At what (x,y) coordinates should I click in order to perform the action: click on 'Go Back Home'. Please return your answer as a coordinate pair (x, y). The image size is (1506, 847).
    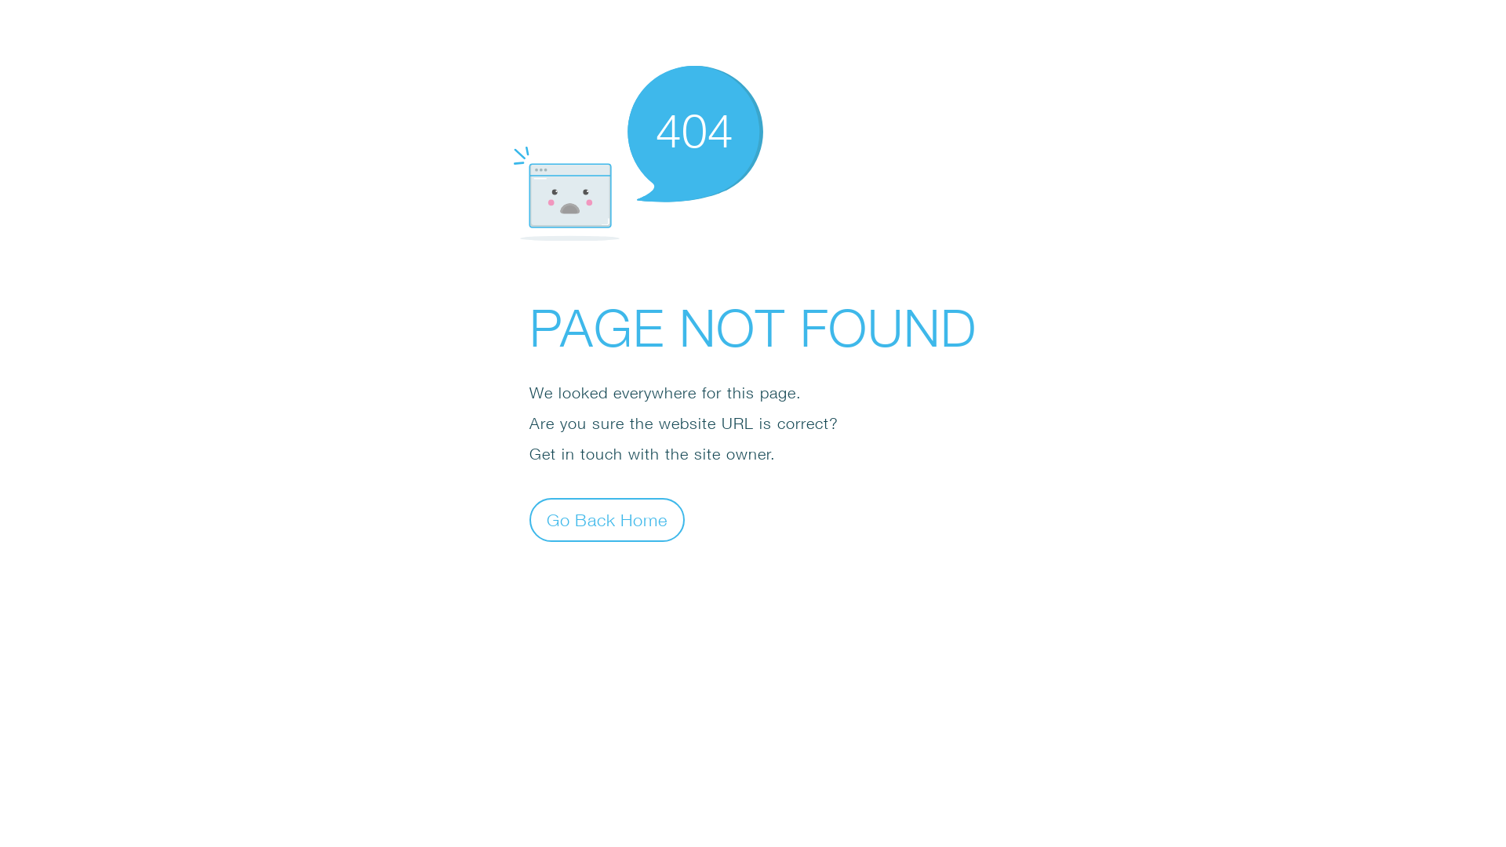
    Looking at the image, I should click on (606, 520).